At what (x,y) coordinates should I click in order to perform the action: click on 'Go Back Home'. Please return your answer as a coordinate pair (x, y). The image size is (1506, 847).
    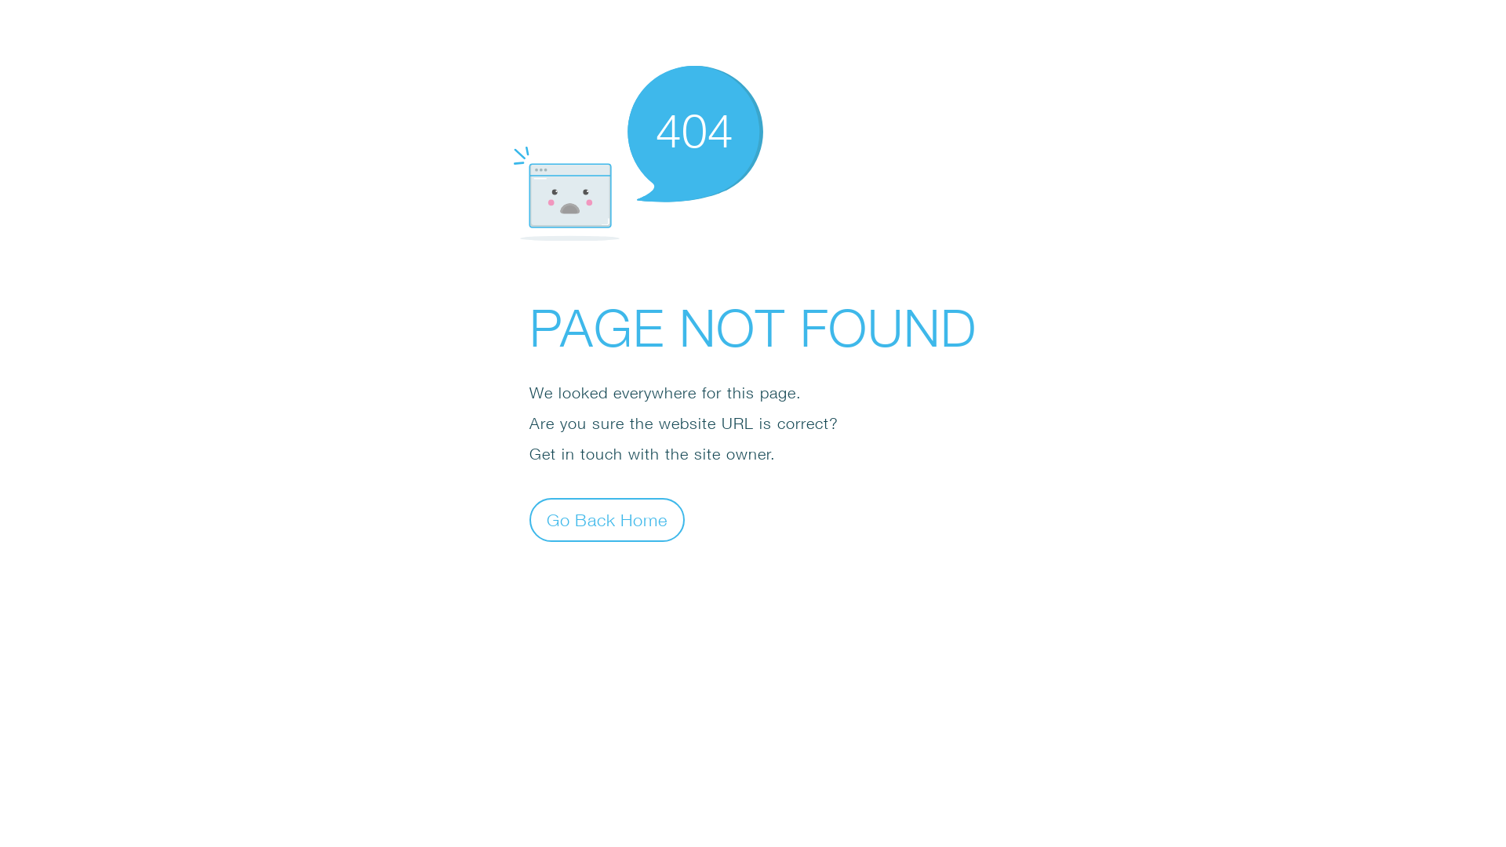
    Looking at the image, I should click on (606, 520).